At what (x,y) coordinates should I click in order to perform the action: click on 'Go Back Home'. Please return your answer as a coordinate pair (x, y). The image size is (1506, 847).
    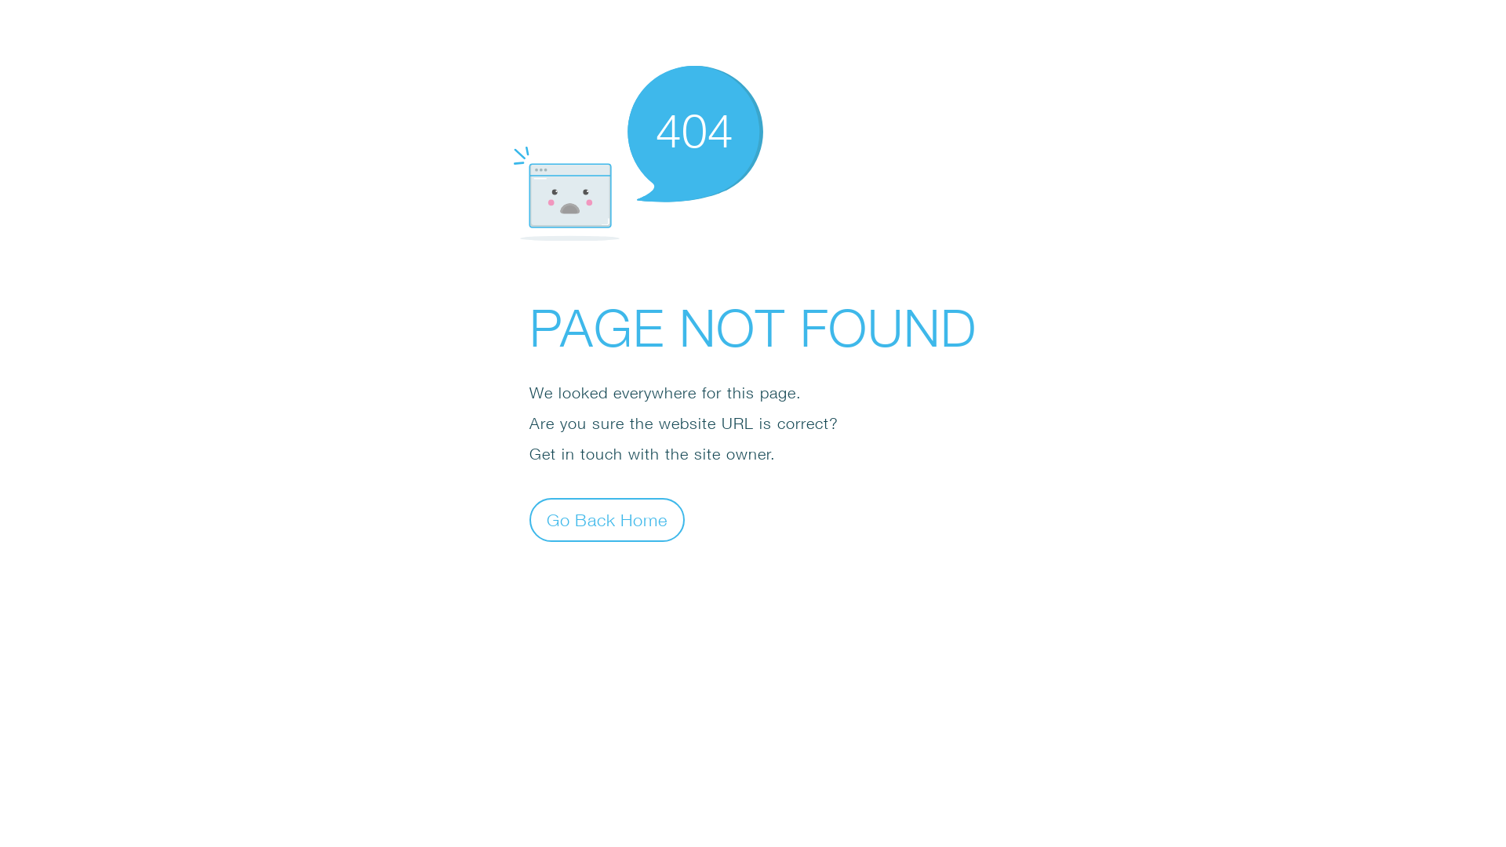
    Looking at the image, I should click on (606, 520).